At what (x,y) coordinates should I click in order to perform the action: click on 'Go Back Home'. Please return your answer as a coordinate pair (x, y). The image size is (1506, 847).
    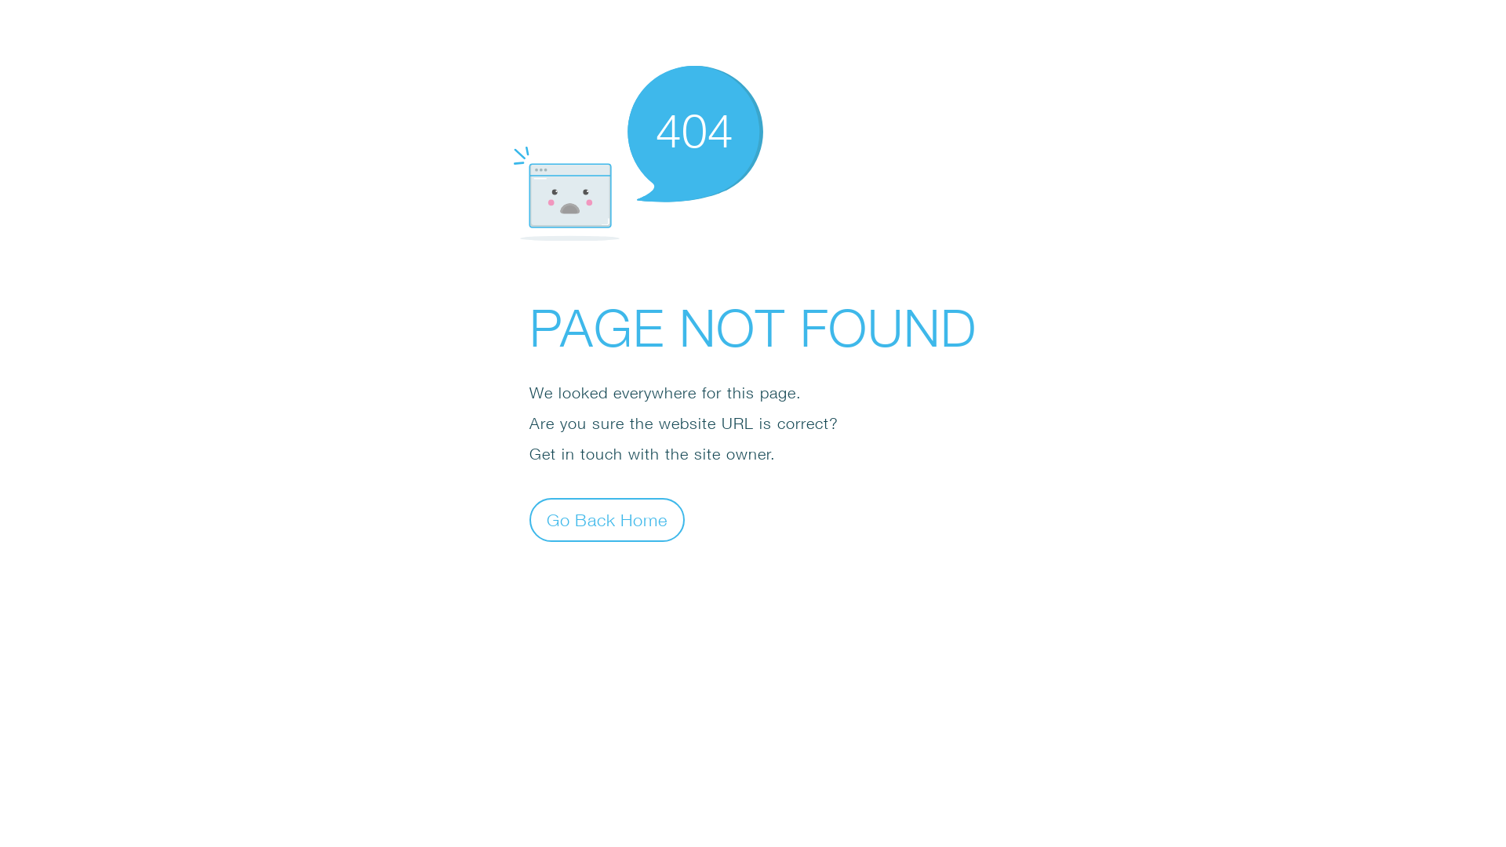
    Looking at the image, I should click on (606, 520).